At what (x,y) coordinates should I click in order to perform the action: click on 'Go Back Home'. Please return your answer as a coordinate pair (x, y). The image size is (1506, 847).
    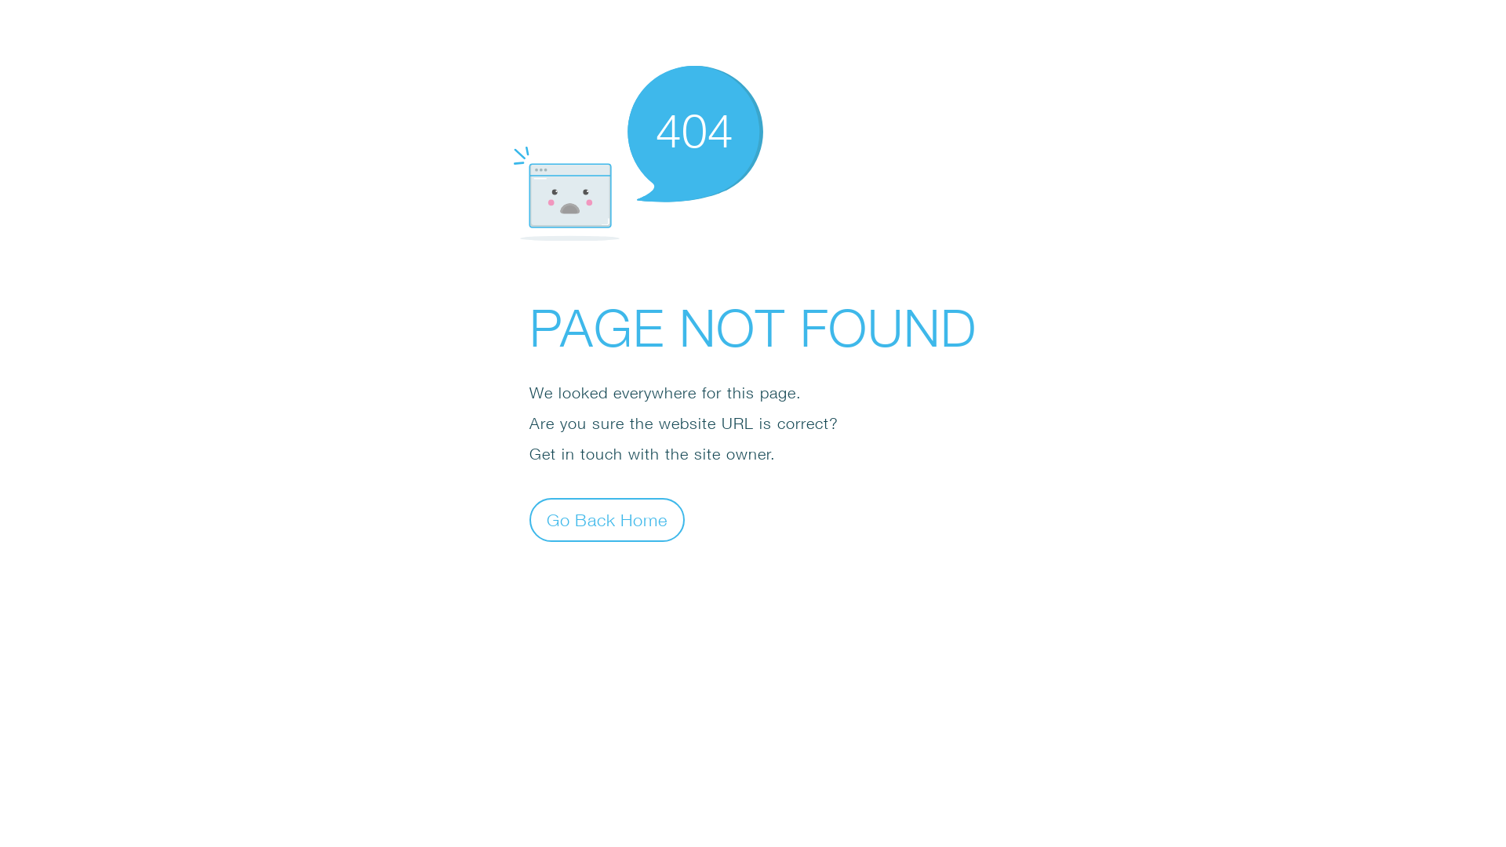
    Looking at the image, I should click on (606, 520).